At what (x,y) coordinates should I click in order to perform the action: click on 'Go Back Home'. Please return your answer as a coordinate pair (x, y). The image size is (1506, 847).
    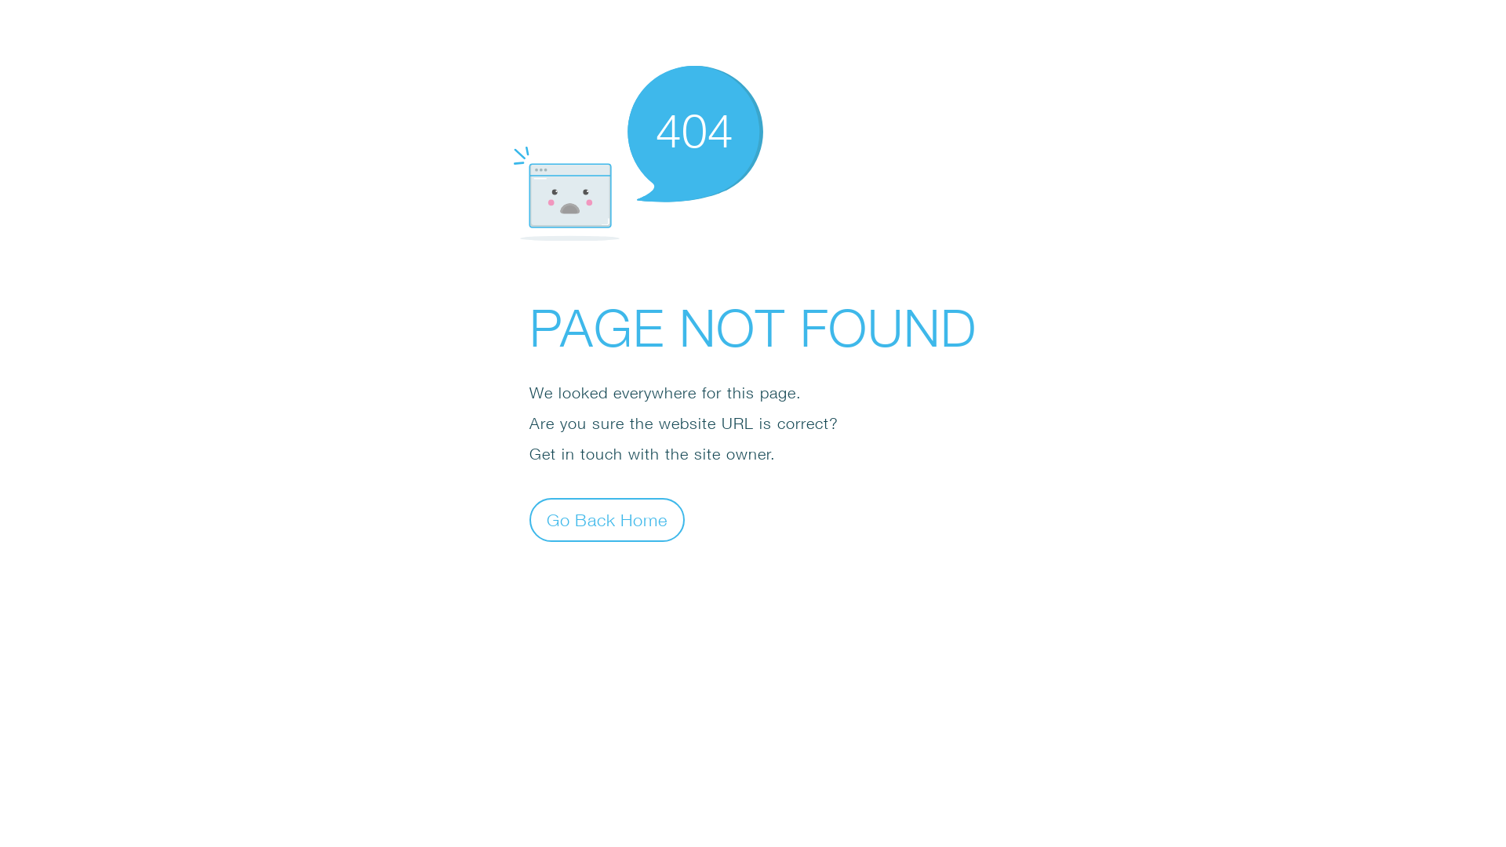
    Looking at the image, I should click on (606, 520).